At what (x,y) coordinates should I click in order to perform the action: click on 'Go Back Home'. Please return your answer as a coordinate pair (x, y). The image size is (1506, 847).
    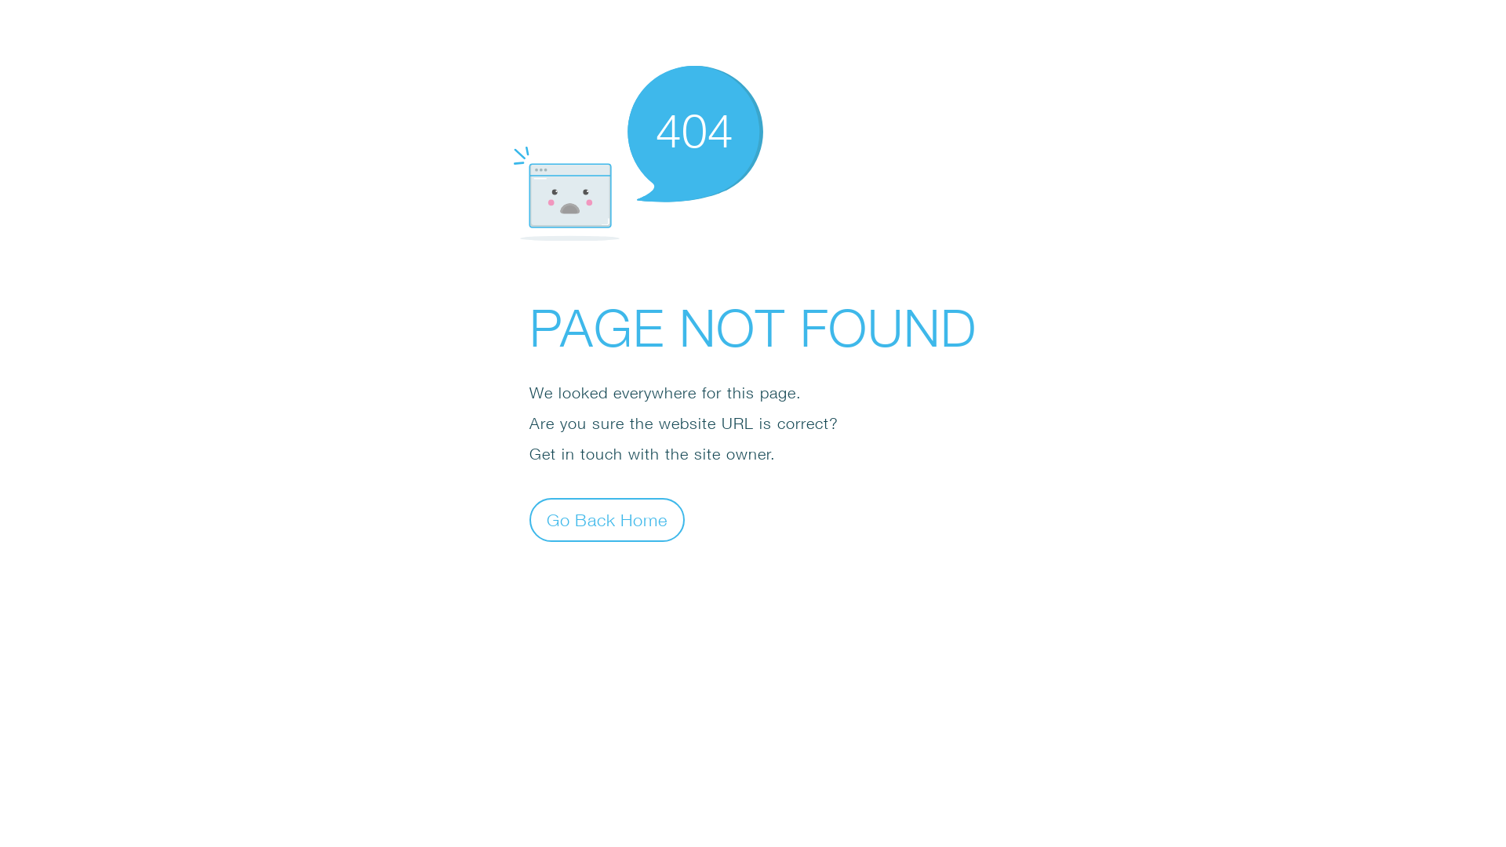
    Looking at the image, I should click on (606, 520).